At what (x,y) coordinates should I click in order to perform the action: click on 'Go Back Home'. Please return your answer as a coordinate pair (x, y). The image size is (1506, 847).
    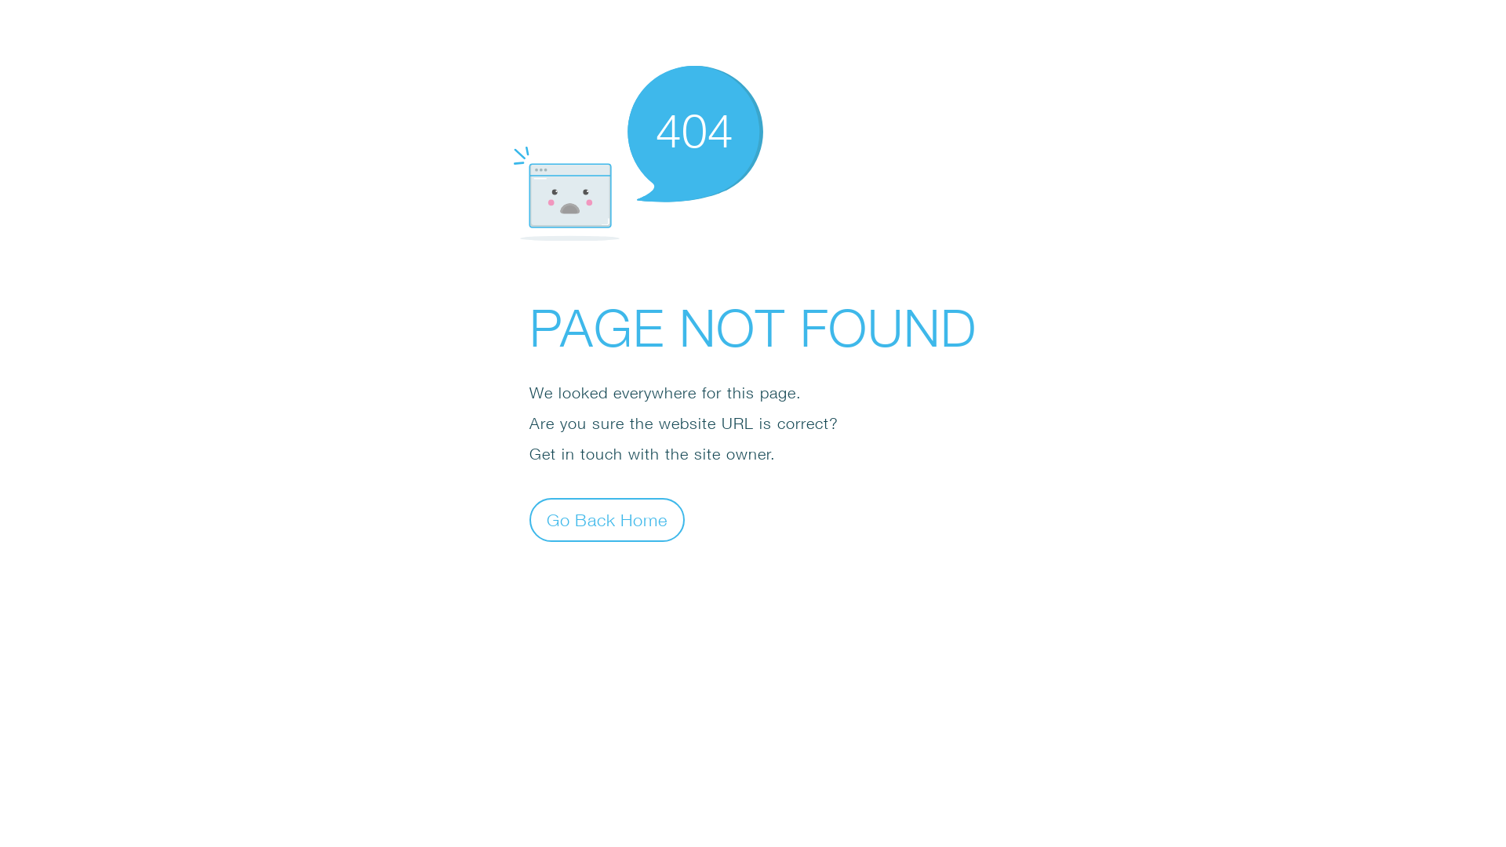
    Looking at the image, I should click on (606, 520).